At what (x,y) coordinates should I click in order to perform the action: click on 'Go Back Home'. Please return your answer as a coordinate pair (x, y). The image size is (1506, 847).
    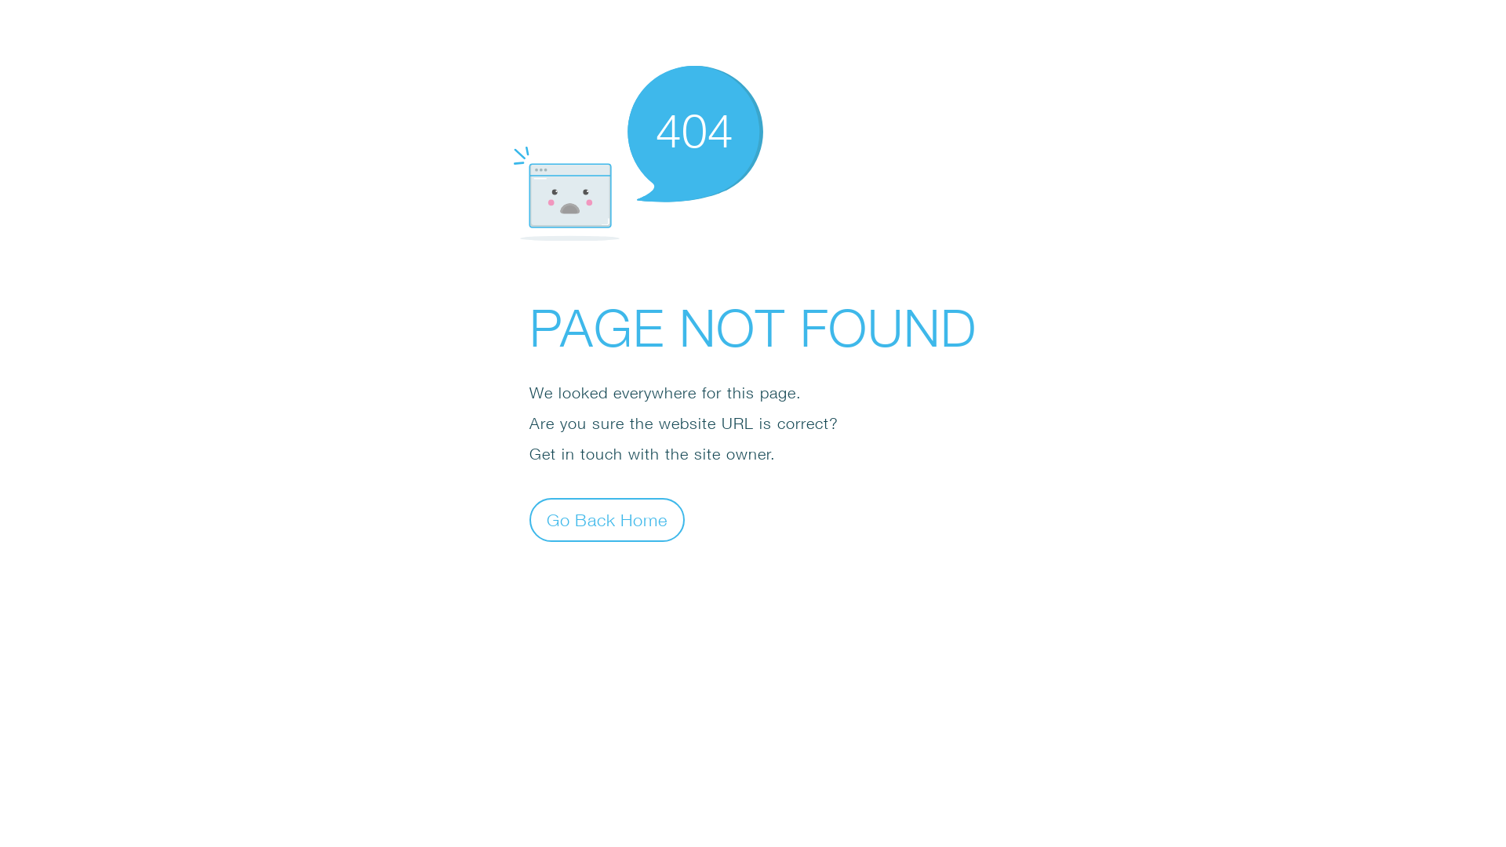
    Looking at the image, I should click on (606, 520).